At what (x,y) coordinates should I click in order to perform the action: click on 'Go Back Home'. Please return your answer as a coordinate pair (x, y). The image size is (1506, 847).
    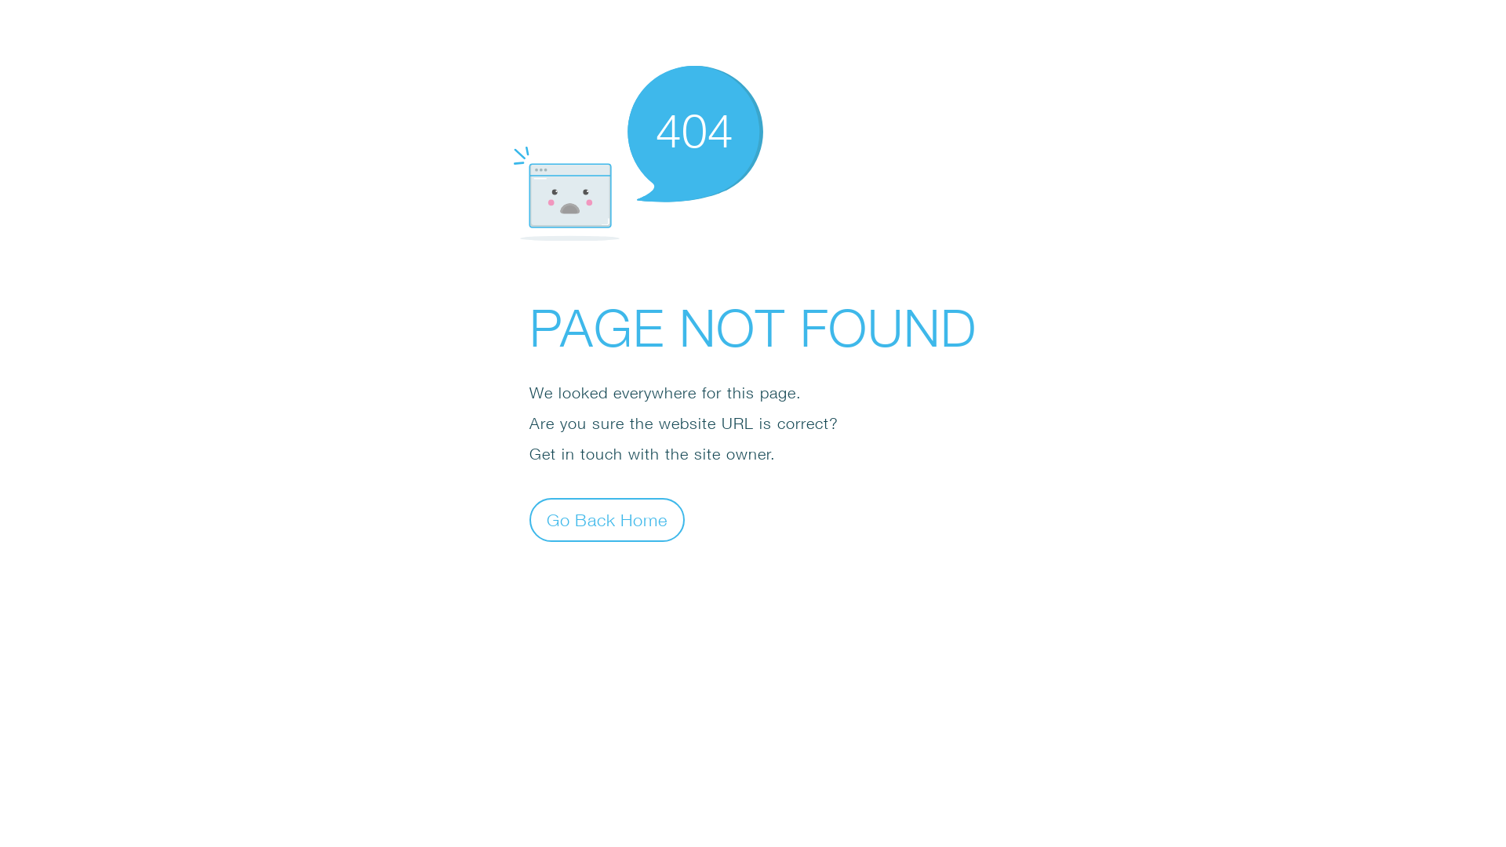
    Looking at the image, I should click on (606, 520).